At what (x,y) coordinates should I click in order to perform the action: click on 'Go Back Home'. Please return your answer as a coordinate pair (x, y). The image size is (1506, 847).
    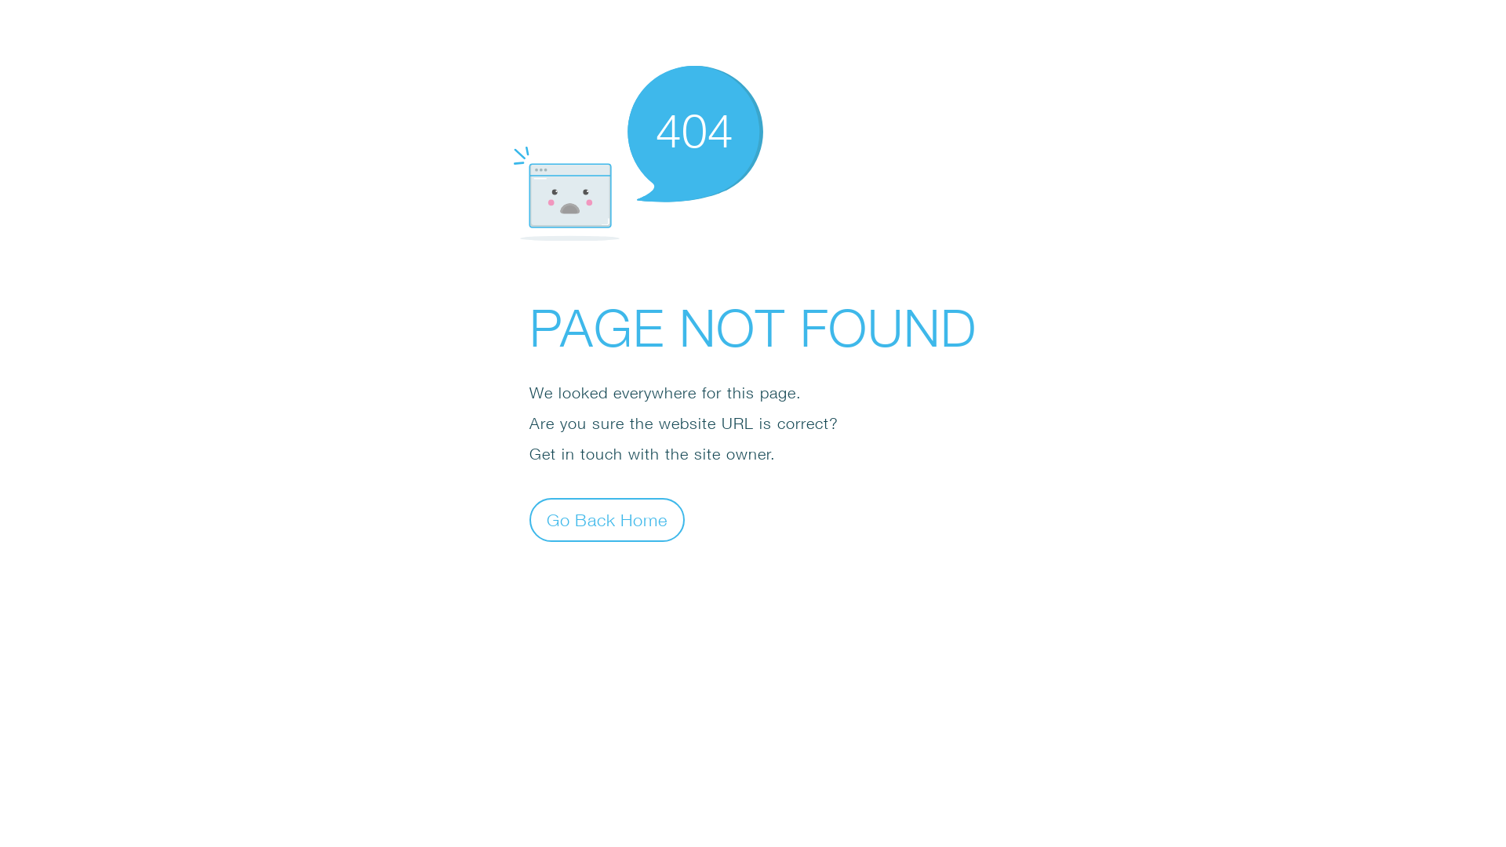
    Looking at the image, I should click on (606, 520).